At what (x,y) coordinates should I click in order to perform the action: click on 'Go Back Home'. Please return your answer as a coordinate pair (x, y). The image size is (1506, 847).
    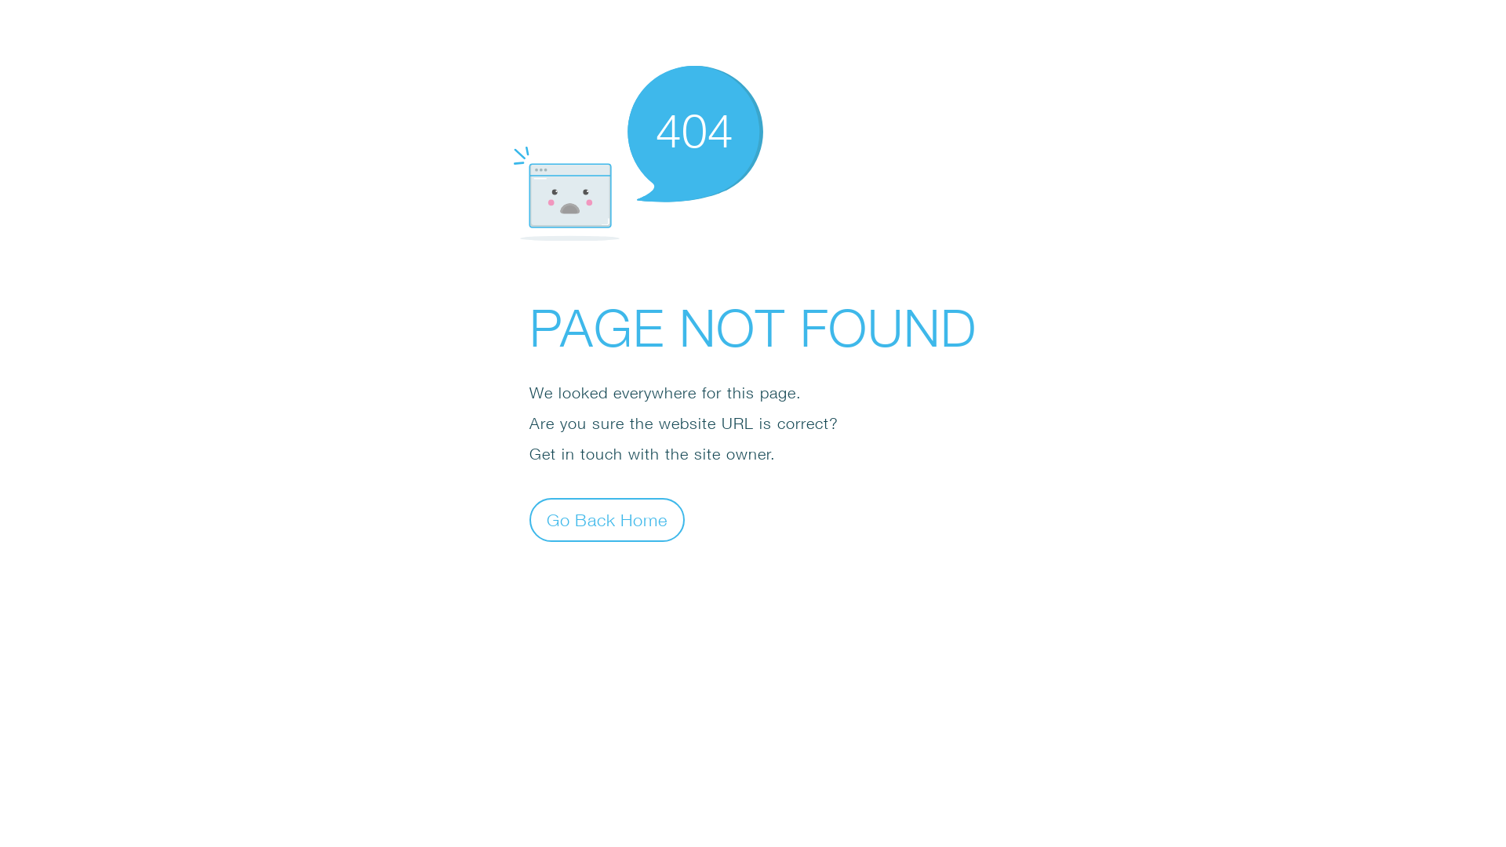
    Looking at the image, I should click on (606, 520).